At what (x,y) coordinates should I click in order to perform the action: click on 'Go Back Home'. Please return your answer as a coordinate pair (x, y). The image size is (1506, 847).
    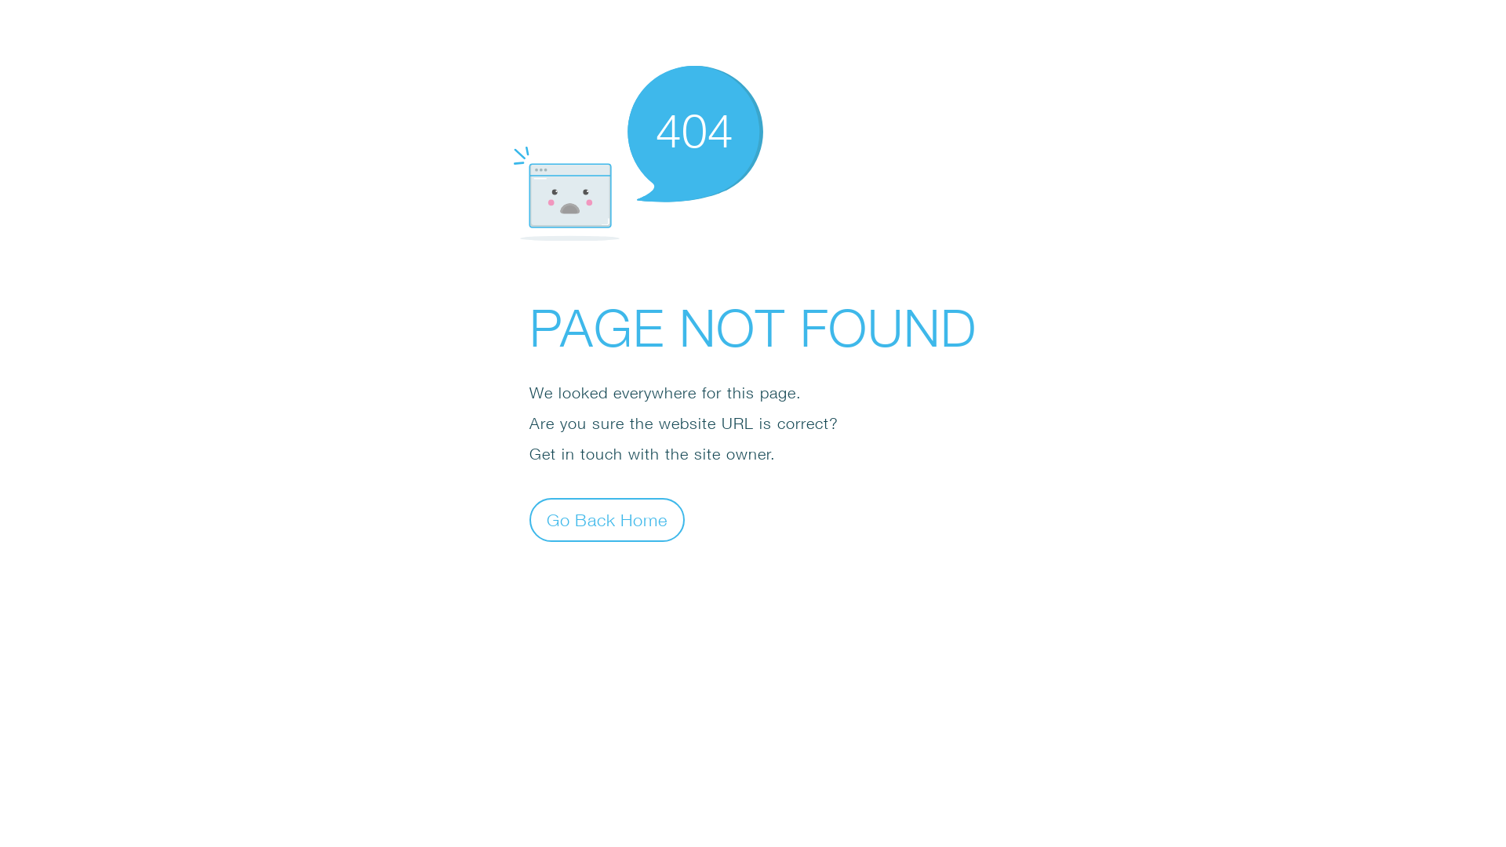
    Looking at the image, I should click on (606, 520).